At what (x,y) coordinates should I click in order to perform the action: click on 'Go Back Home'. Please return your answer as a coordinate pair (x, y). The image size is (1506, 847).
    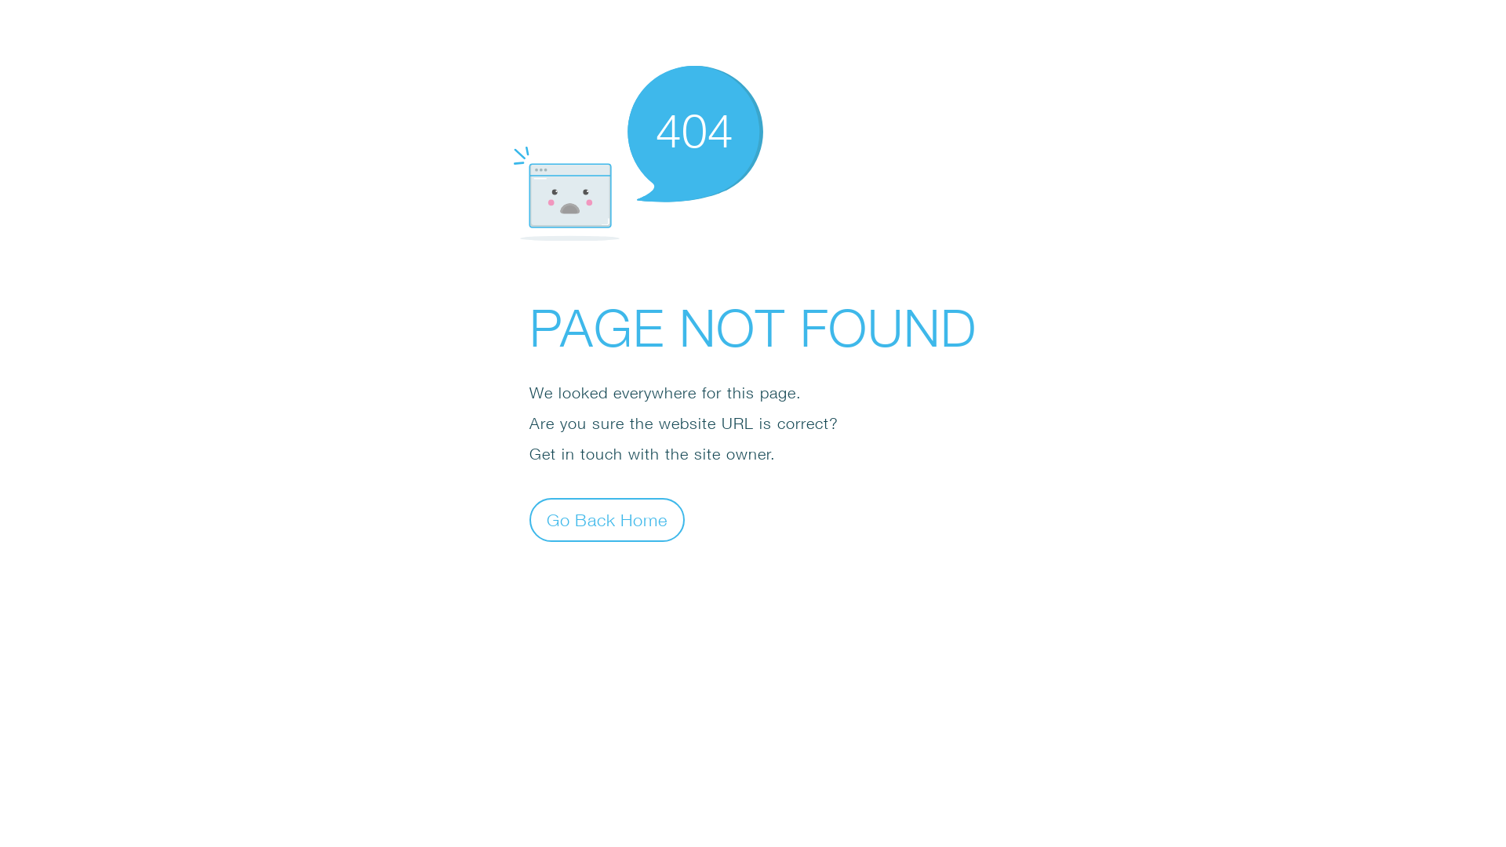
    Looking at the image, I should click on (606, 520).